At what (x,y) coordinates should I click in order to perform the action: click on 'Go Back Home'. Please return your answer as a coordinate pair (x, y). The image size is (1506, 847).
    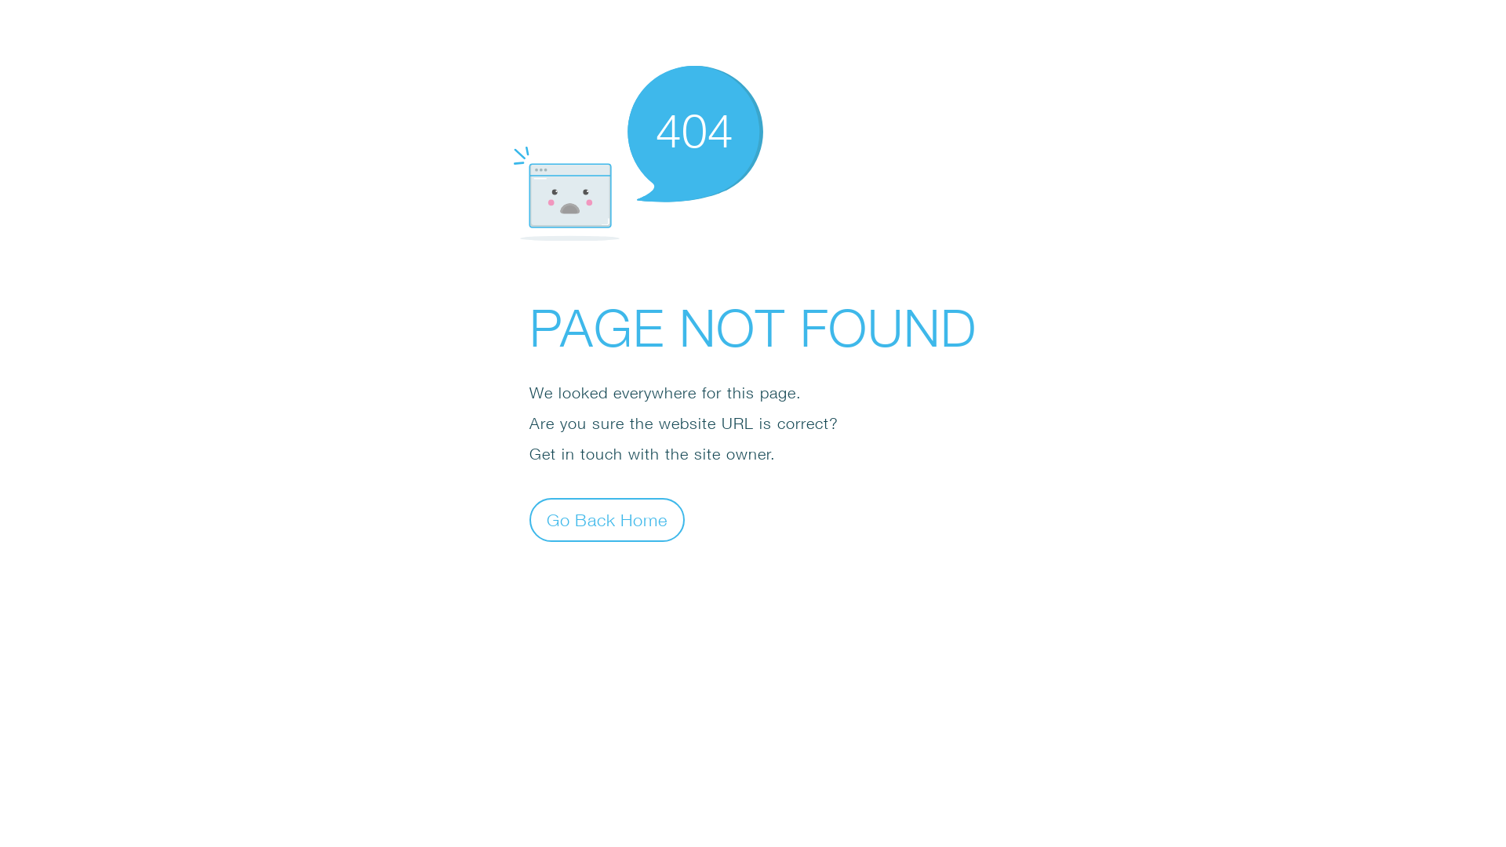
    Looking at the image, I should click on (606, 520).